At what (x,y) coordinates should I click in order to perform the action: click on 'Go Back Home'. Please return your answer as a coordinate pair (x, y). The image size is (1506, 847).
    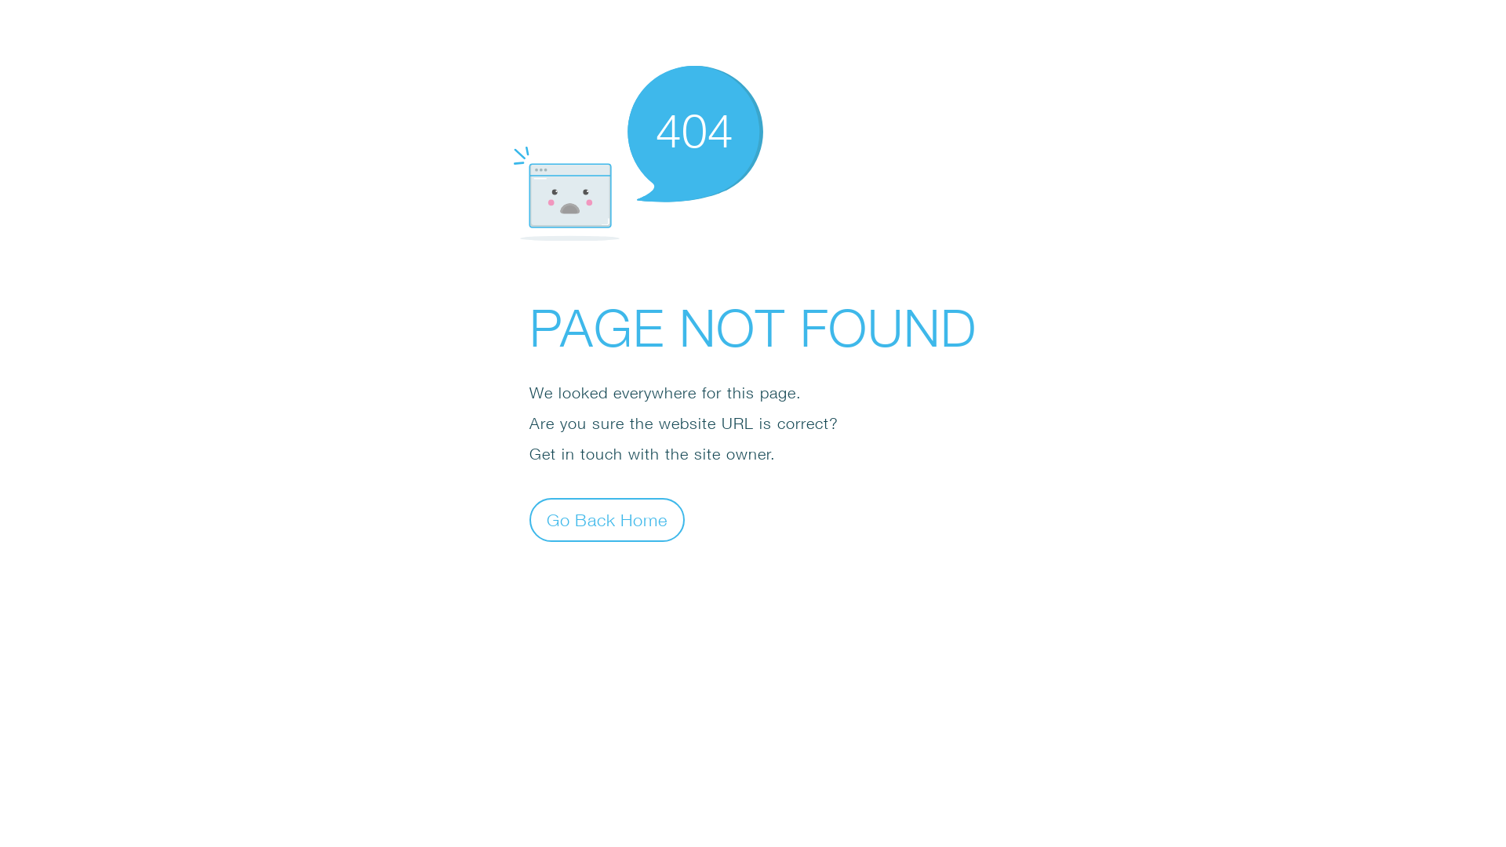
    Looking at the image, I should click on (606, 520).